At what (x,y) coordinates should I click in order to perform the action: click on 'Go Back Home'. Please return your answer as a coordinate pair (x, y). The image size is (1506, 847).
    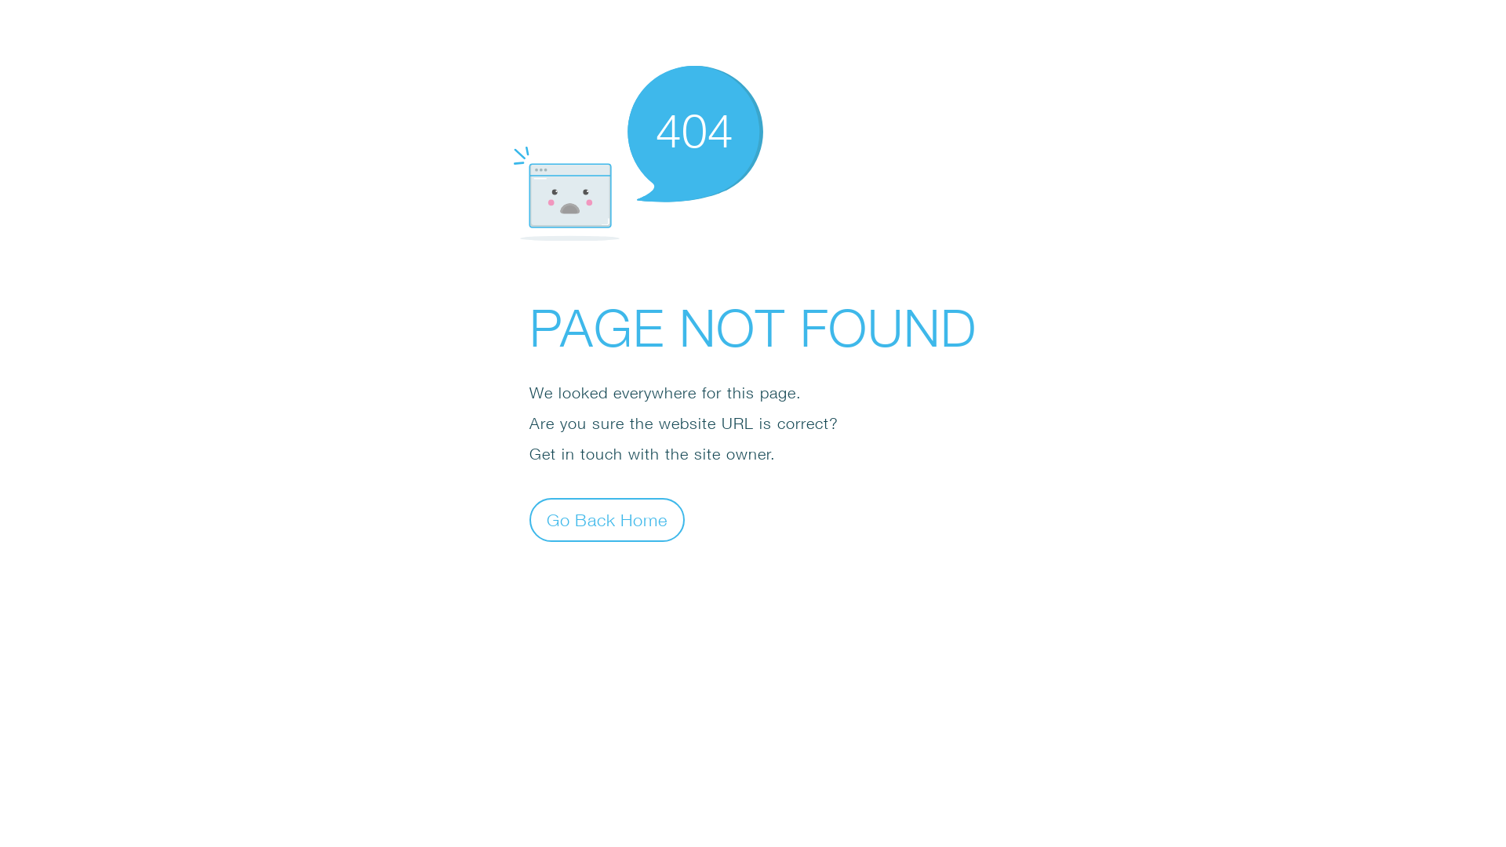
    Looking at the image, I should click on (606, 520).